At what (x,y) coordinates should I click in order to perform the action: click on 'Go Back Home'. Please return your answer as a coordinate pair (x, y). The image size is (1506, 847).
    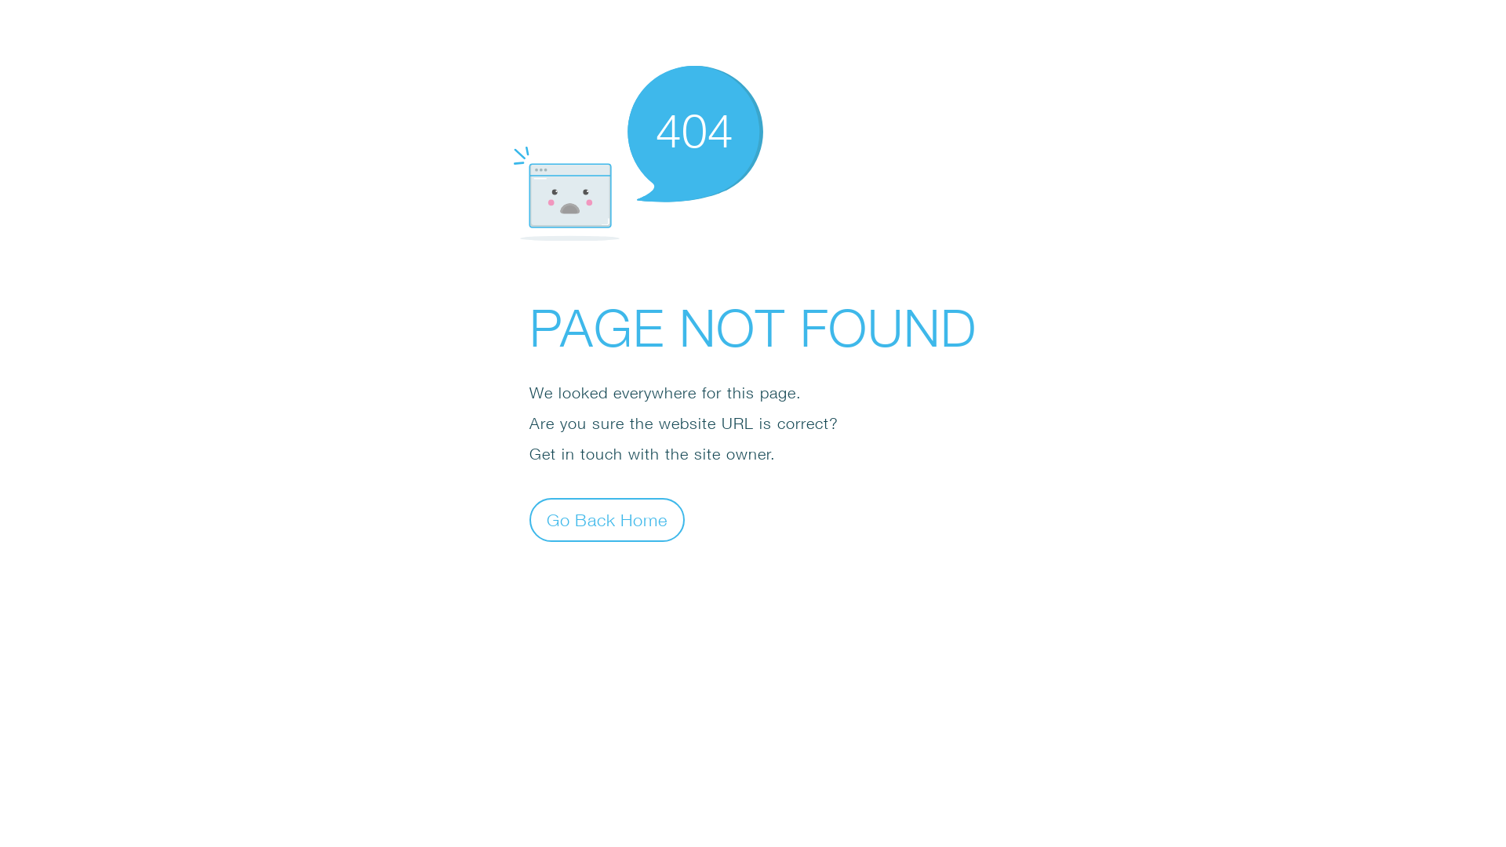
    Looking at the image, I should click on (606, 520).